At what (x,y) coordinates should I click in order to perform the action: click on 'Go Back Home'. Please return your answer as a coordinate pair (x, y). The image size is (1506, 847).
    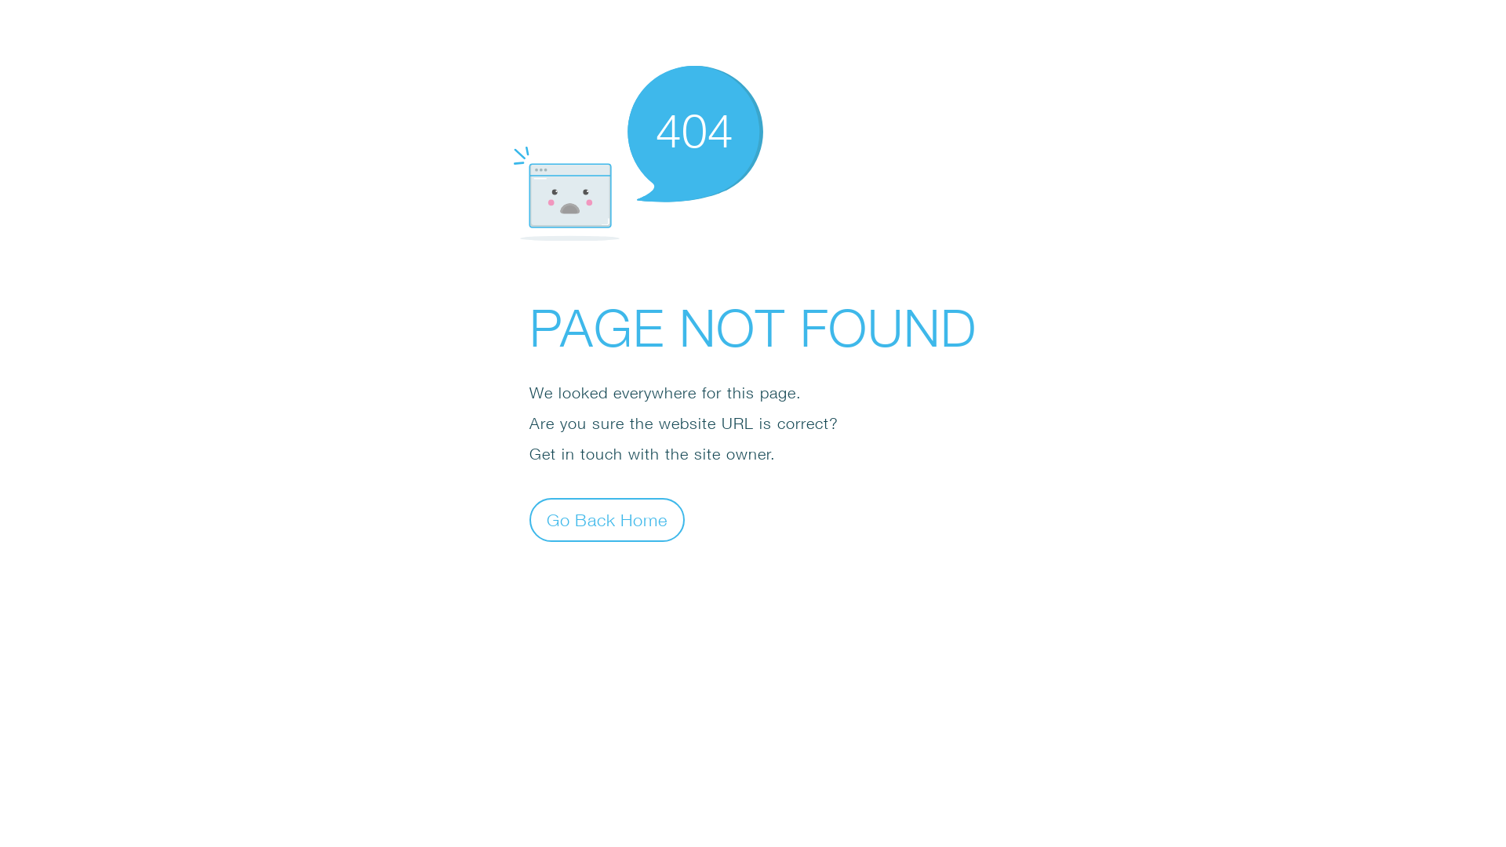
    Looking at the image, I should click on (606, 520).